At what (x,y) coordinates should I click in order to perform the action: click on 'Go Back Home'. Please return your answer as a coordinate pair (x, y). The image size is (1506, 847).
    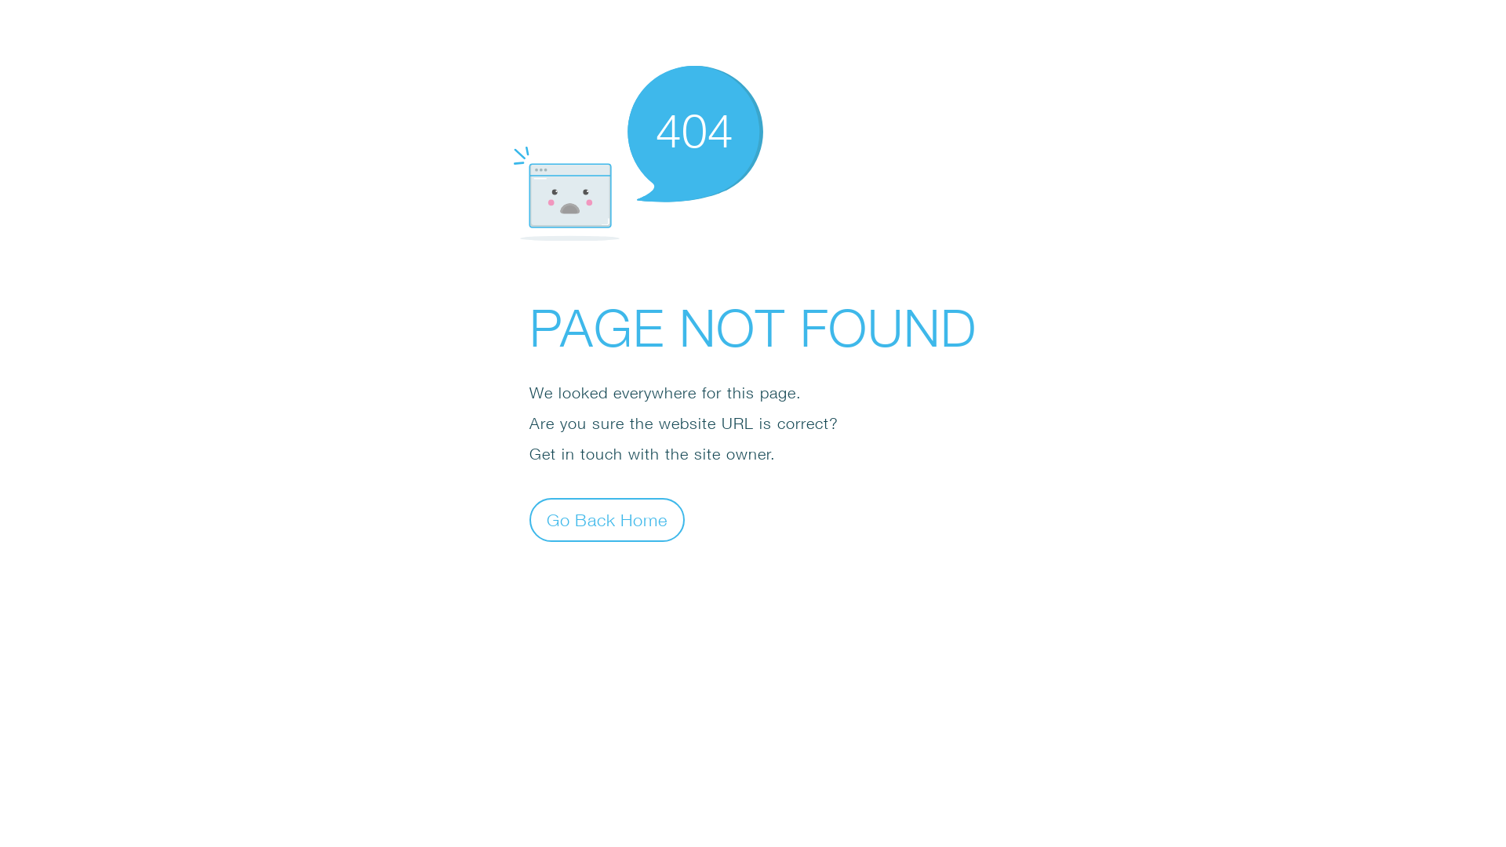
    Looking at the image, I should click on (606, 520).